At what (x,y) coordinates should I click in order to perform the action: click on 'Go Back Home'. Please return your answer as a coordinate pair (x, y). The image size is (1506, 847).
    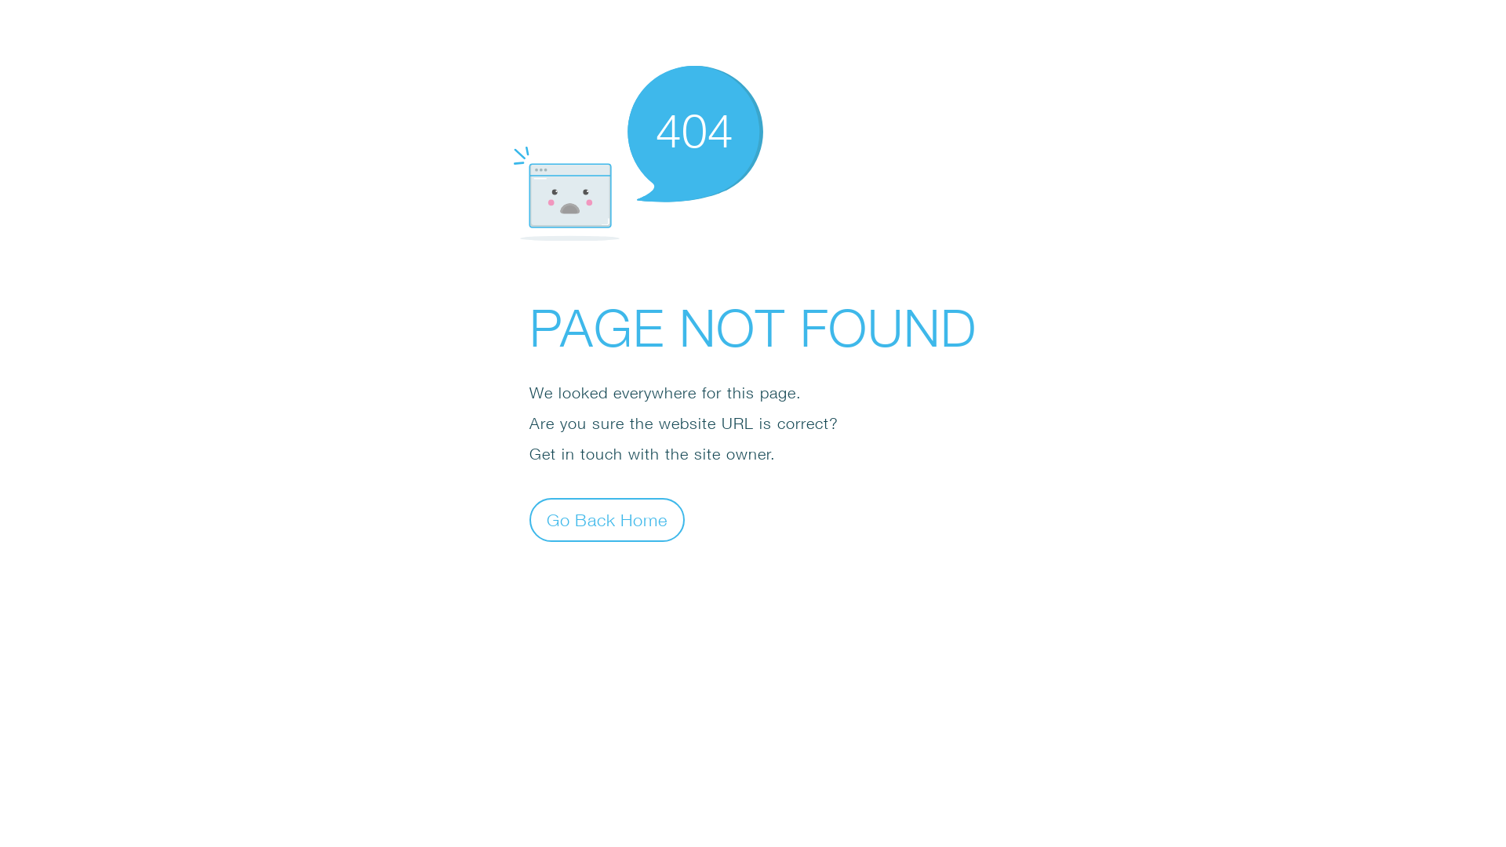
    Looking at the image, I should click on (606, 520).